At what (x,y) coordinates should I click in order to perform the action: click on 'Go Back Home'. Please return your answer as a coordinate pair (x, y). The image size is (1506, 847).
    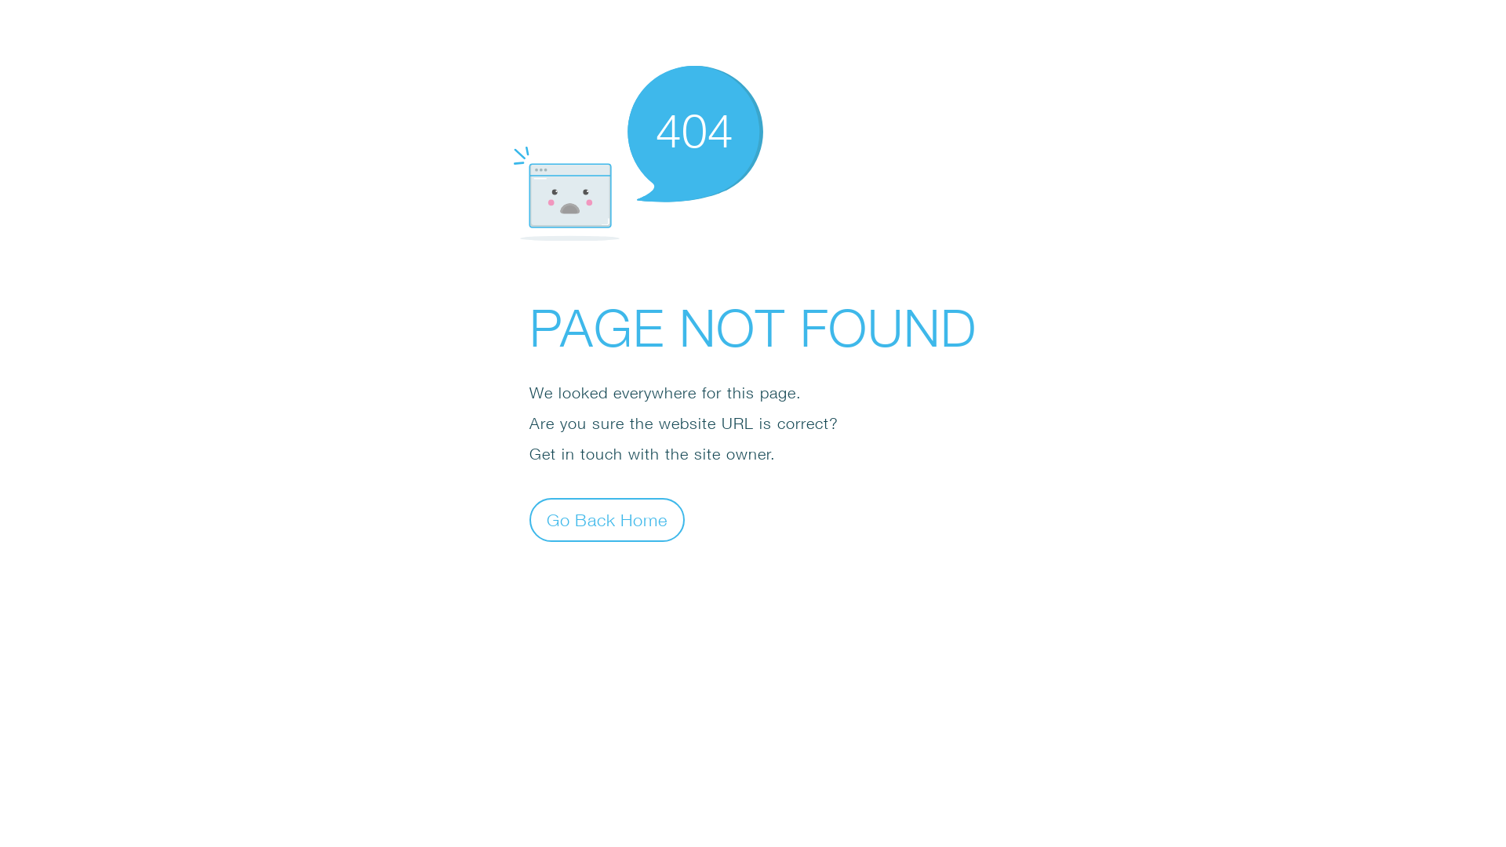
    Looking at the image, I should click on (606, 520).